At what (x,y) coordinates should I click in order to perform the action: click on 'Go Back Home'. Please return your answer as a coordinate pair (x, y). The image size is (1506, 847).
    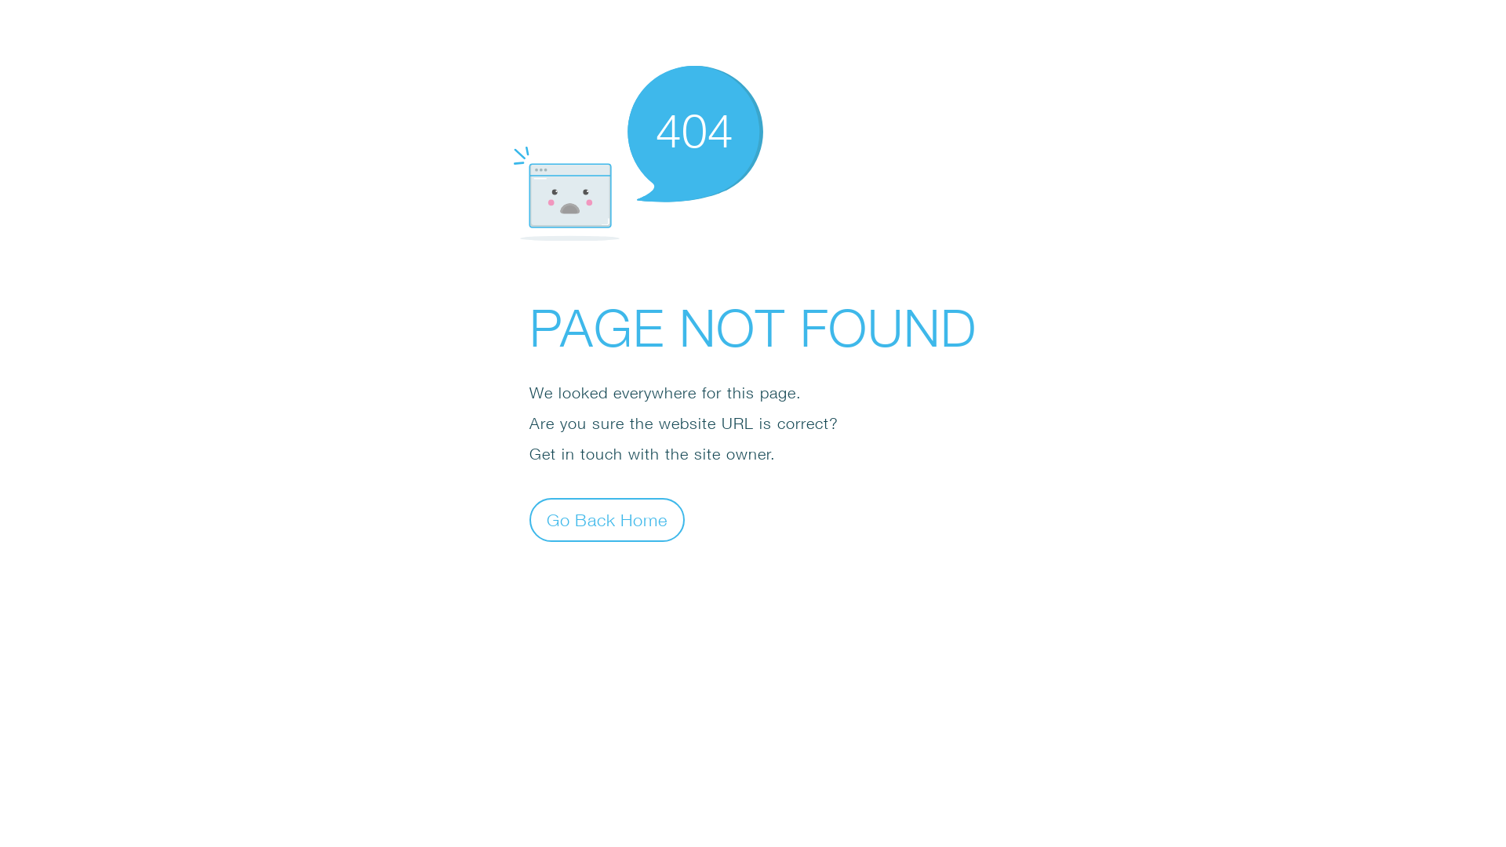
    Looking at the image, I should click on (606, 520).